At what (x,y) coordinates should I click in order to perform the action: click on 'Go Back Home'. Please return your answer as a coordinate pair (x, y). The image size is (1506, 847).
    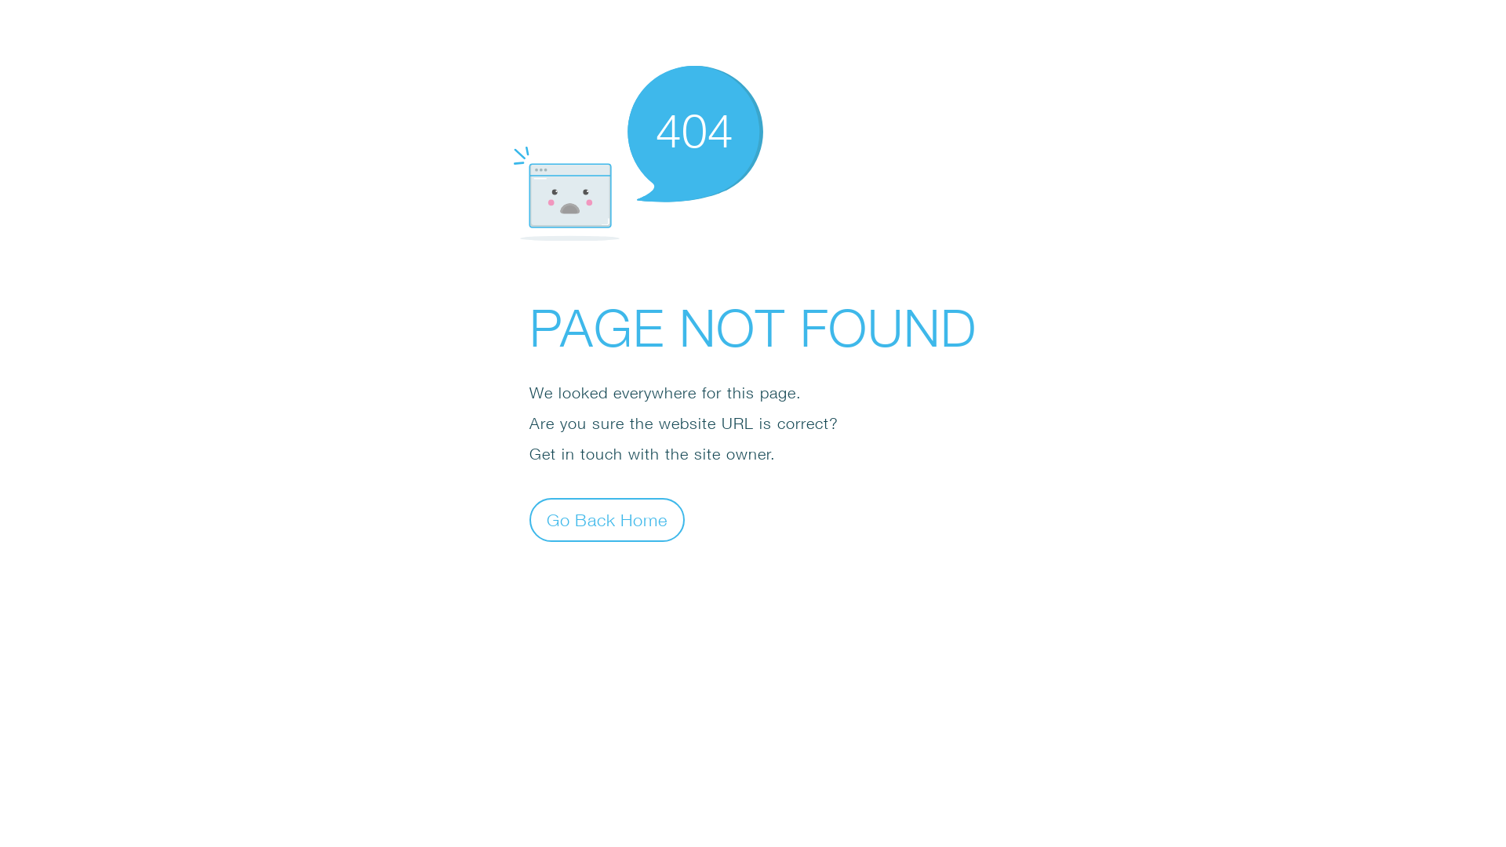
    Looking at the image, I should click on (606, 520).